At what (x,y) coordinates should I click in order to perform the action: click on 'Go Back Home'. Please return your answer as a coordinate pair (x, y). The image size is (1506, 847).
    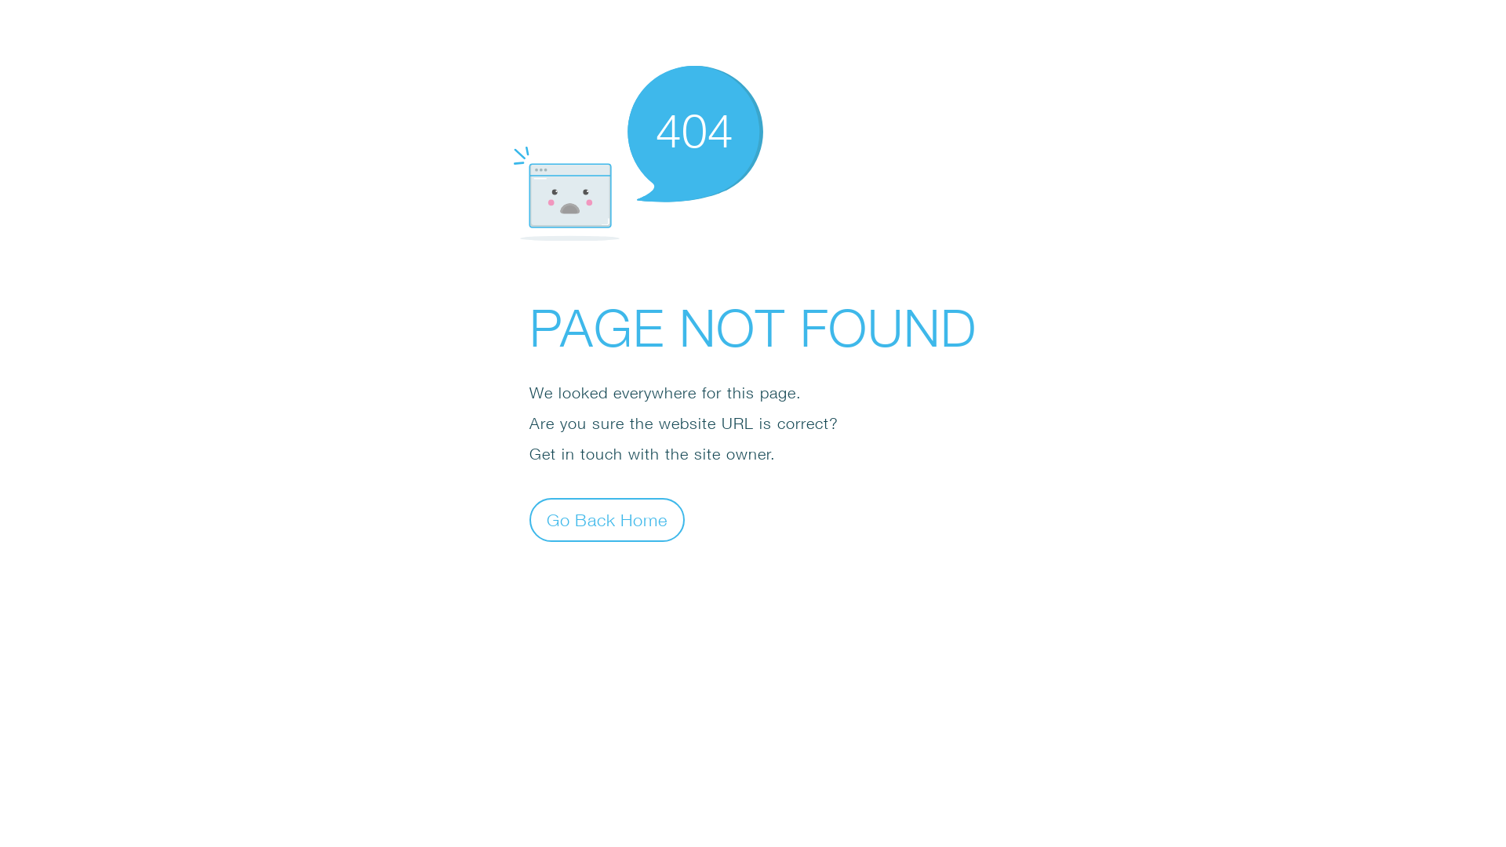
    Looking at the image, I should click on (606, 520).